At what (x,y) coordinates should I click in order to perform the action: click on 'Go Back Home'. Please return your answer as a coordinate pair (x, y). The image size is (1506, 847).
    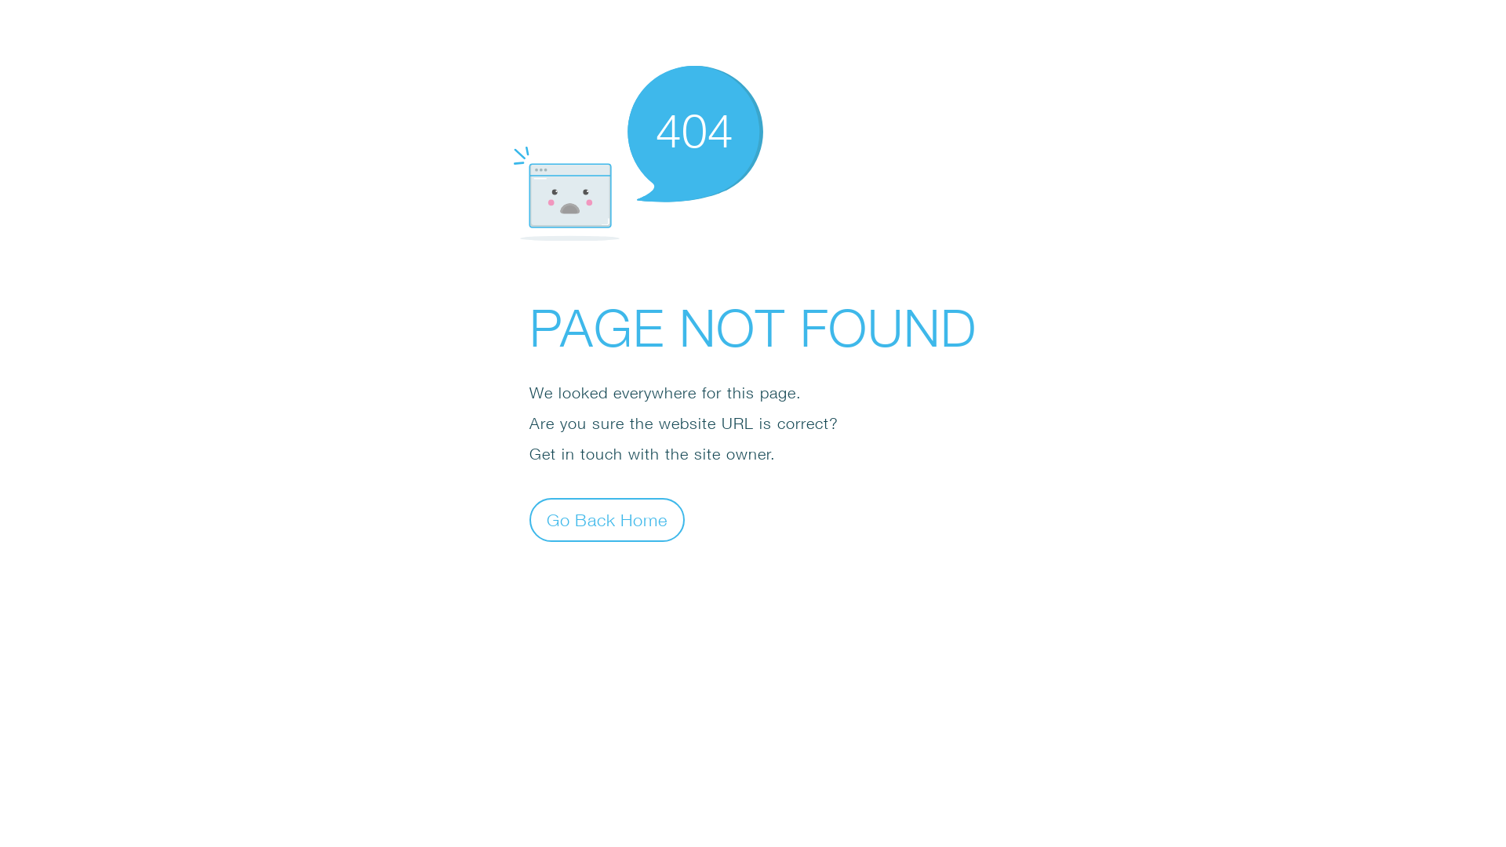
    Looking at the image, I should click on (606, 520).